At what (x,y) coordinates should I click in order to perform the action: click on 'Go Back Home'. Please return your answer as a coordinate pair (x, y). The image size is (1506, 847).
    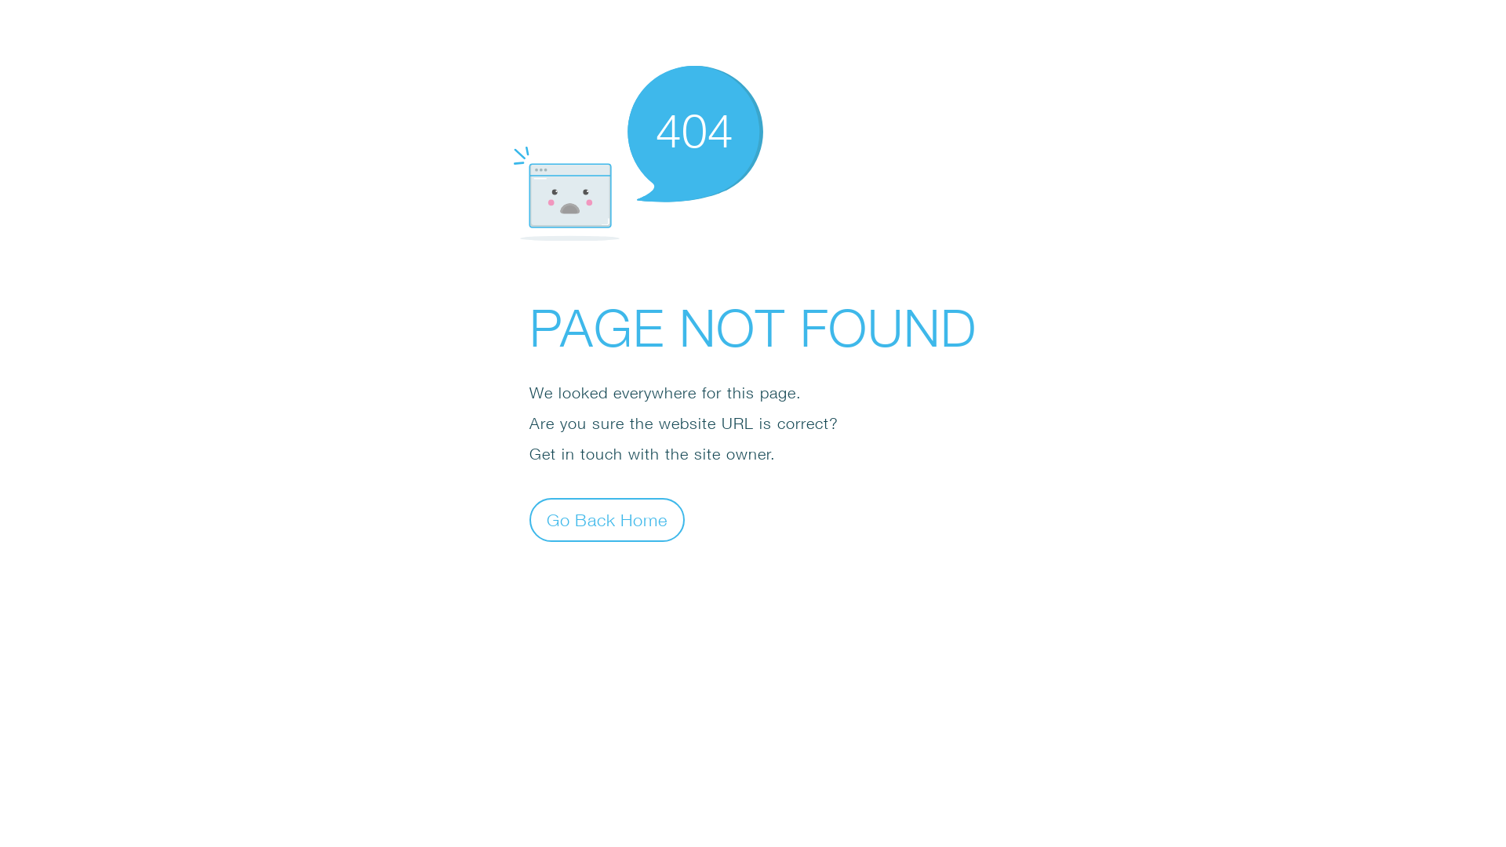
    Looking at the image, I should click on (606, 520).